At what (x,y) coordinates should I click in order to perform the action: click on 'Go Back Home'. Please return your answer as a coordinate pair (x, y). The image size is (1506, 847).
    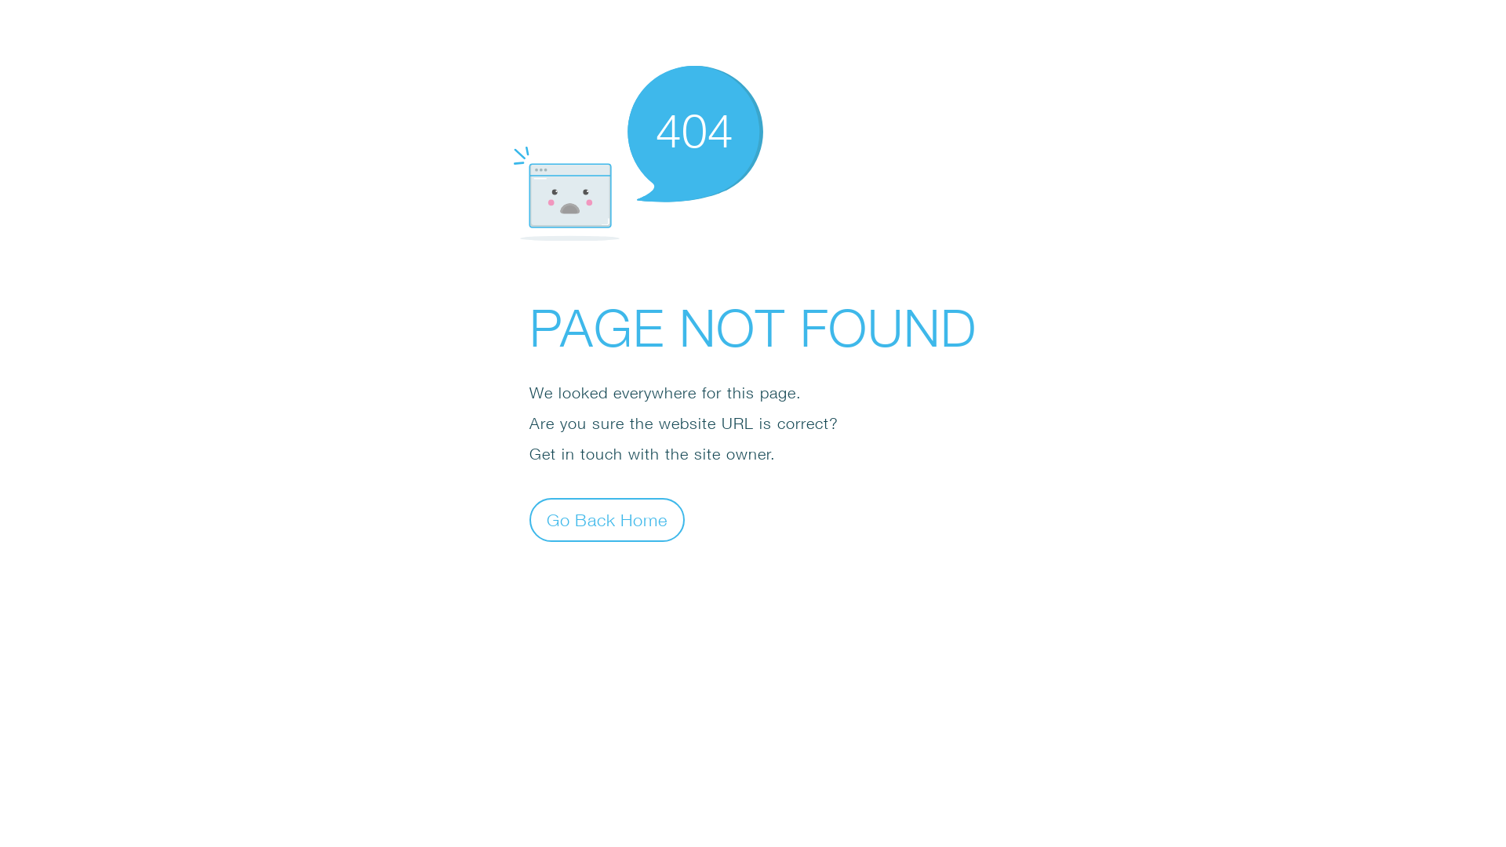
    Looking at the image, I should click on (606, 520).